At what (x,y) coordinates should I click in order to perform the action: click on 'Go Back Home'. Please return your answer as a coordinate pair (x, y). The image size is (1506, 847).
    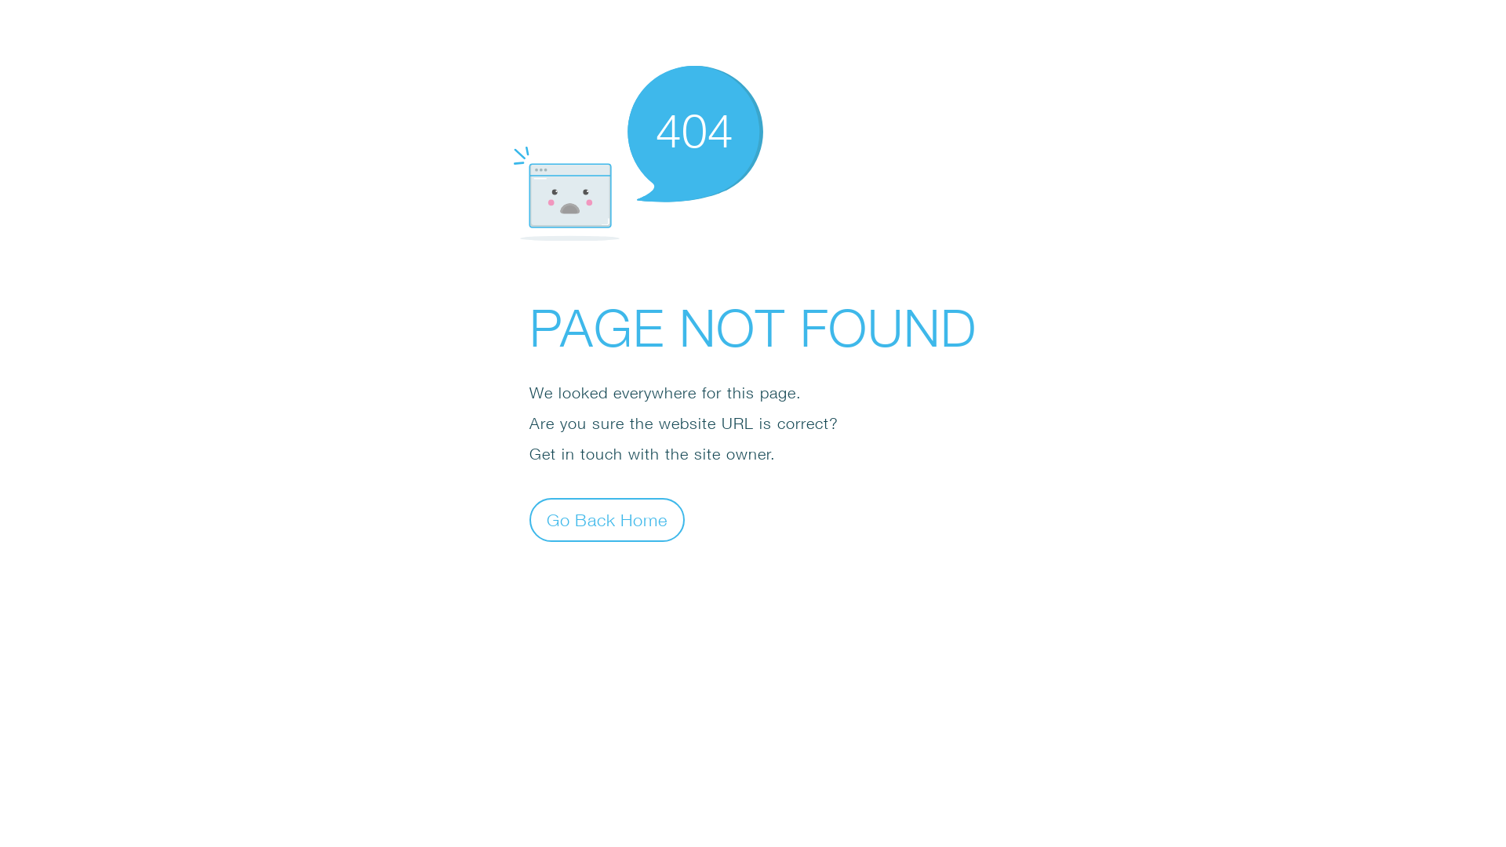
    Looking at the image, I should click on (606, 520).